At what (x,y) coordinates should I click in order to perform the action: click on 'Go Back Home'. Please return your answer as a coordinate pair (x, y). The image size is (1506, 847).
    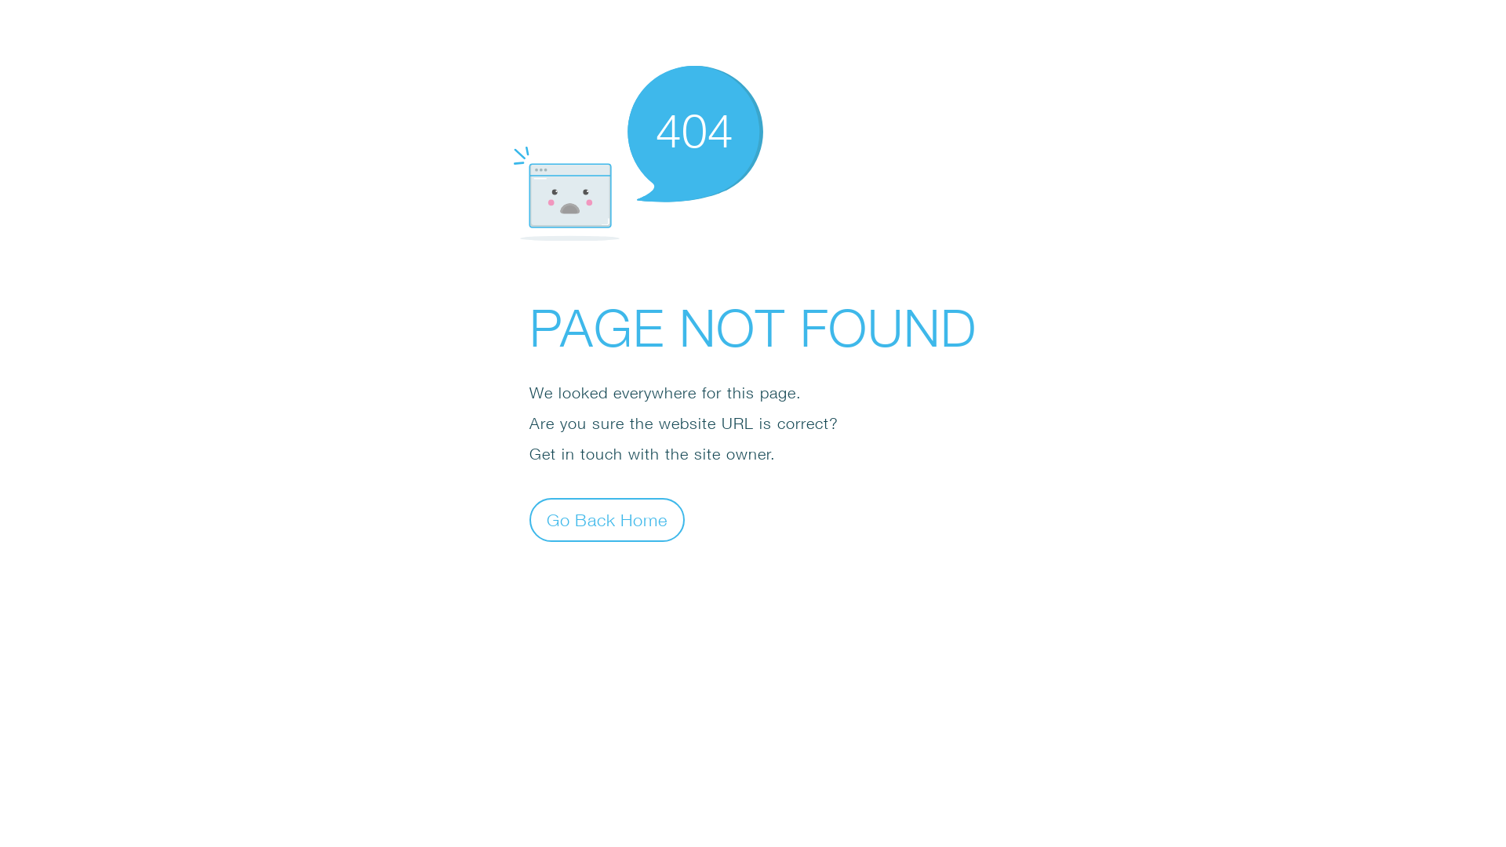
    Looking at the image, I should click on (606, 520).